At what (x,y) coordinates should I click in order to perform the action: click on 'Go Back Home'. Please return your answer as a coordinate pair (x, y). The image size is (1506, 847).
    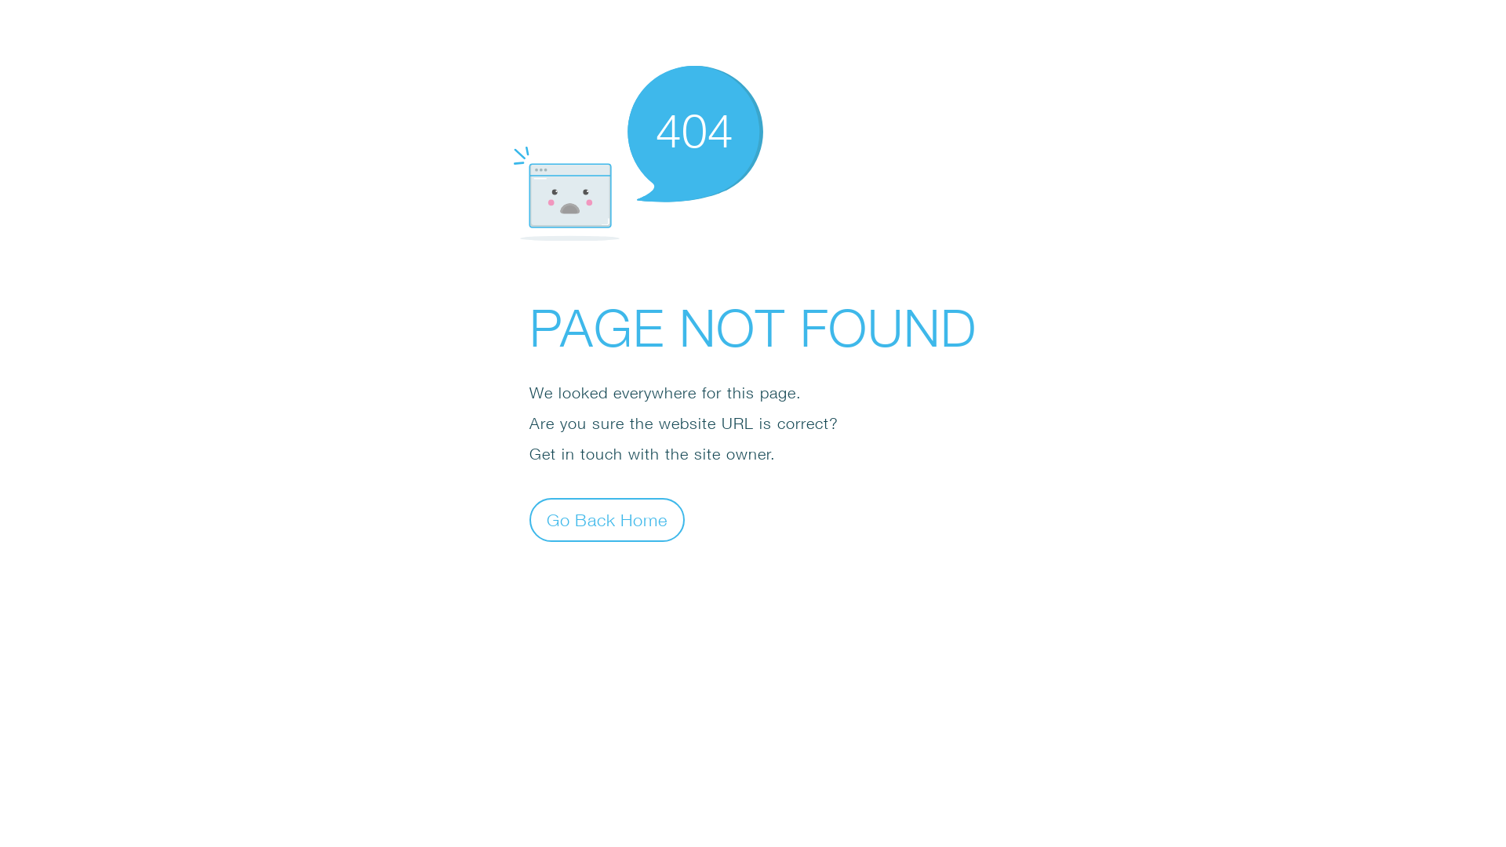
    Looking at the image, I should click on (606, 520).